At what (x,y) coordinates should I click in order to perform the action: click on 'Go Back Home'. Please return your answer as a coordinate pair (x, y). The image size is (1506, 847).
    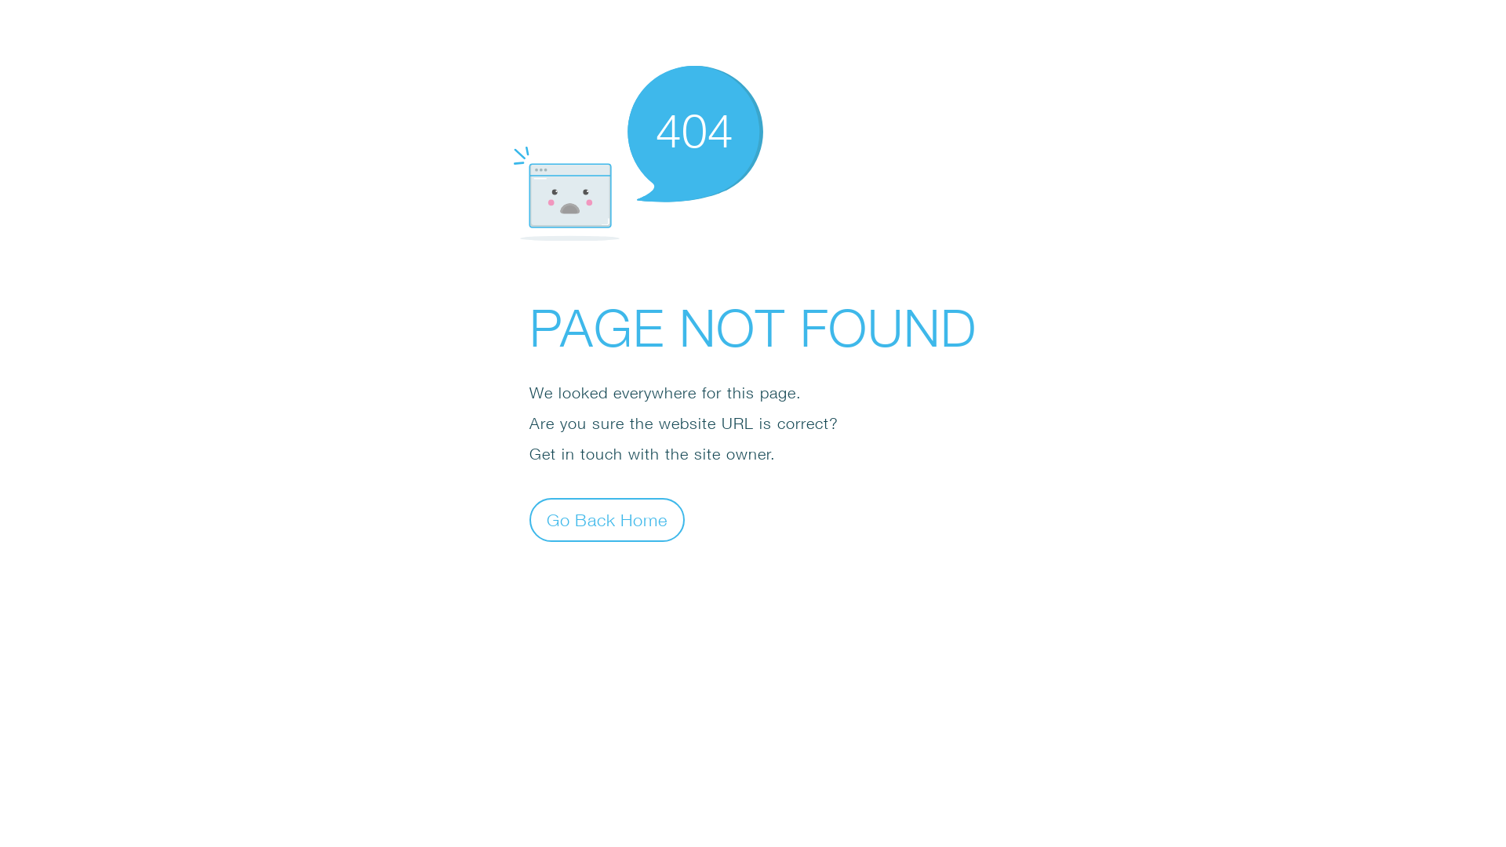
    Looking at the image, I should click on (606, 520).